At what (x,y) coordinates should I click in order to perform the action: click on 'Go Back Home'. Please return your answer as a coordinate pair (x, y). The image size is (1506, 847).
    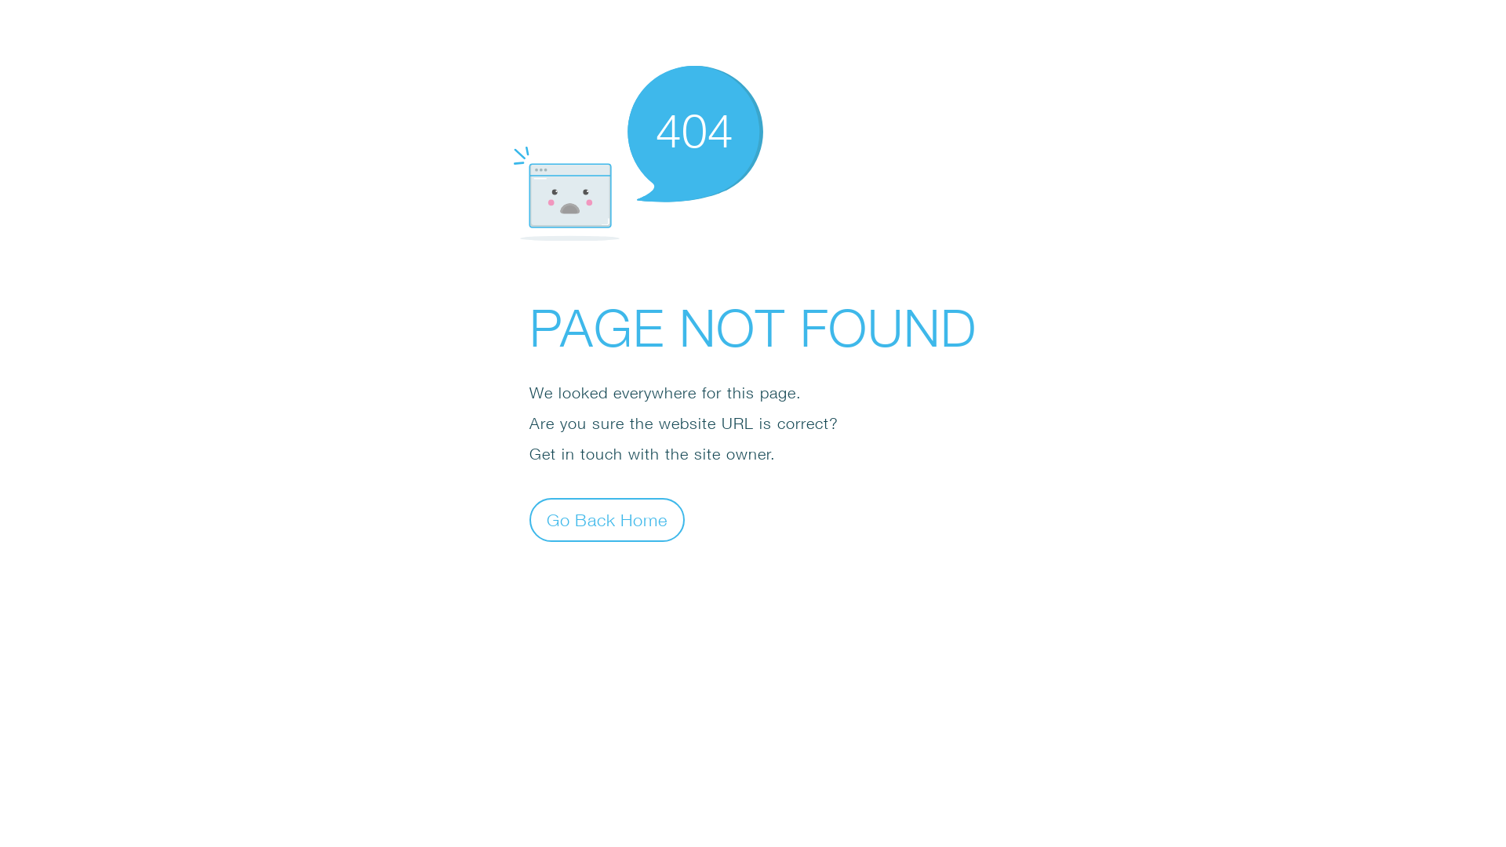
    Looking at the image, I should click on (606, 520).